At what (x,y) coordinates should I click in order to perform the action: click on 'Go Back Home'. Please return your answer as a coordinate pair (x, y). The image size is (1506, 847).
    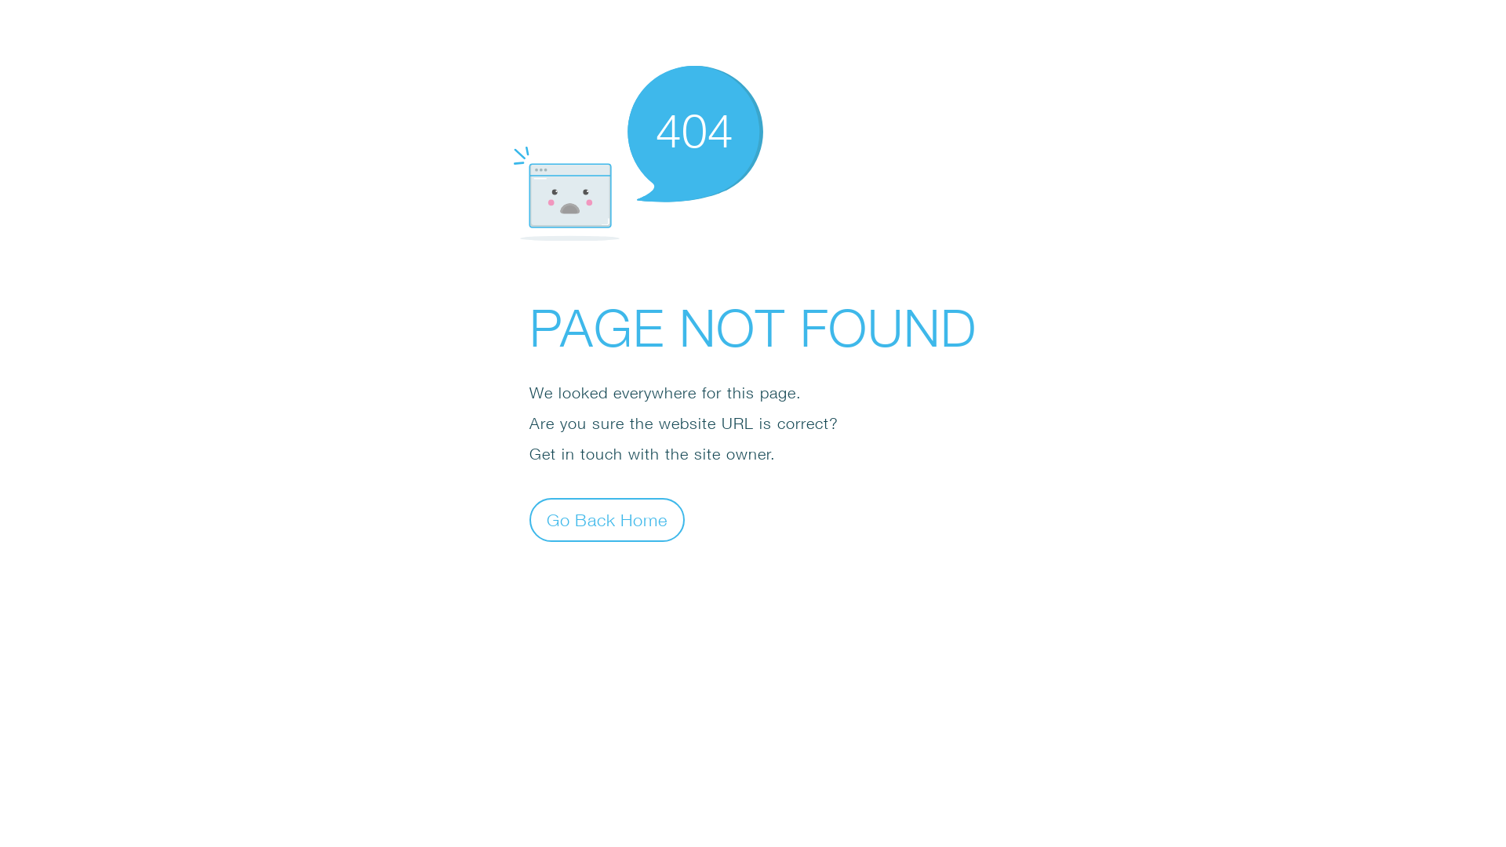
    Looking at the image, I should click on (606, 520).